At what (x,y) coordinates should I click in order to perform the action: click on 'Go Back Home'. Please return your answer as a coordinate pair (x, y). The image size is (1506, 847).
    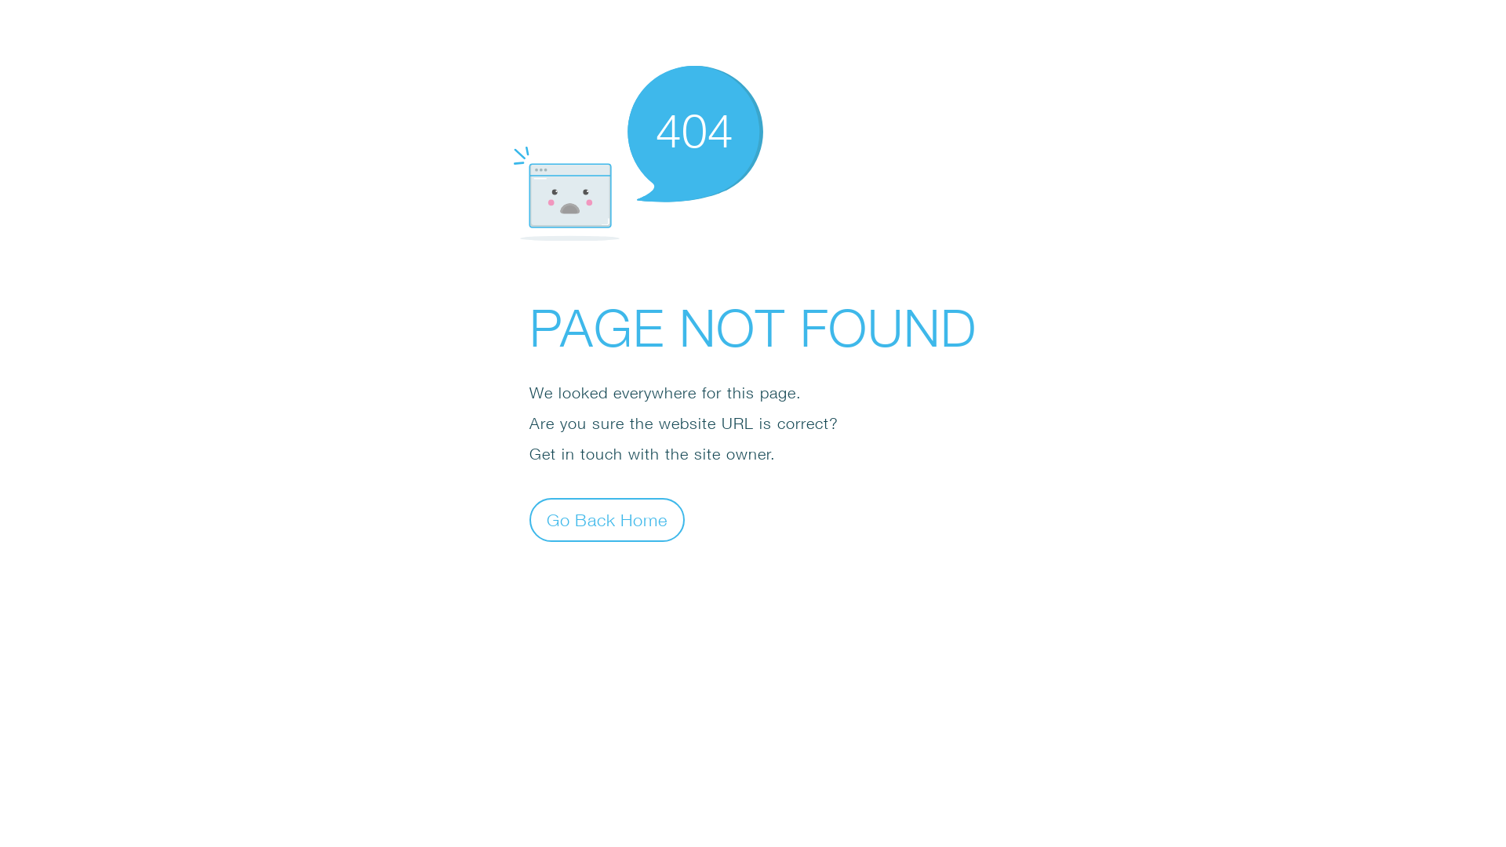
    Looking at the image, I should click on (606, 520).